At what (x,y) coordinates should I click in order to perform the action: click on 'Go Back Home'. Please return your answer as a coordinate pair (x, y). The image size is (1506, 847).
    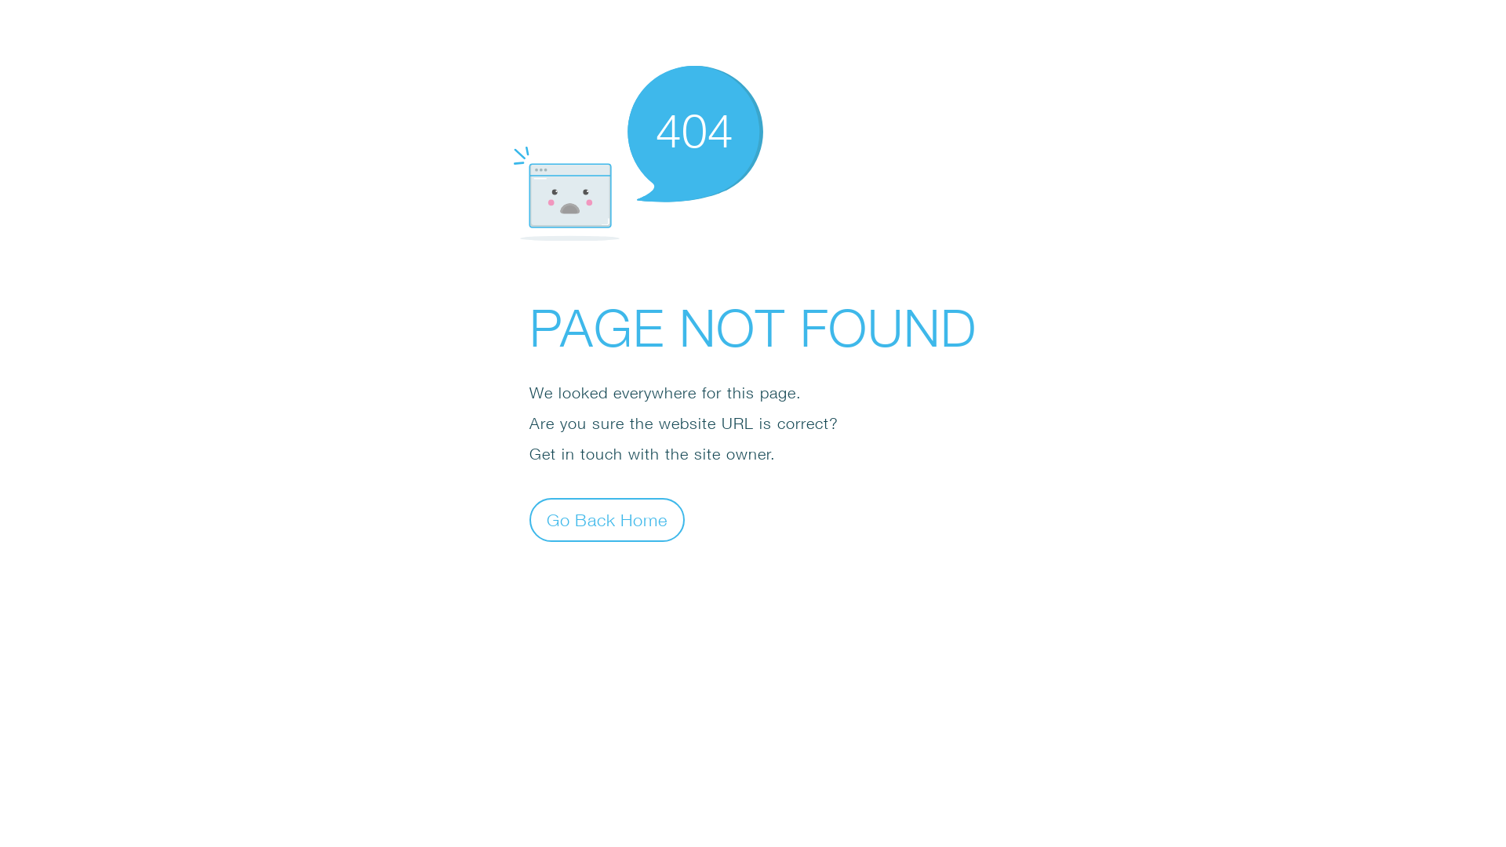
    Looking at the image, I should click on (606, 520).